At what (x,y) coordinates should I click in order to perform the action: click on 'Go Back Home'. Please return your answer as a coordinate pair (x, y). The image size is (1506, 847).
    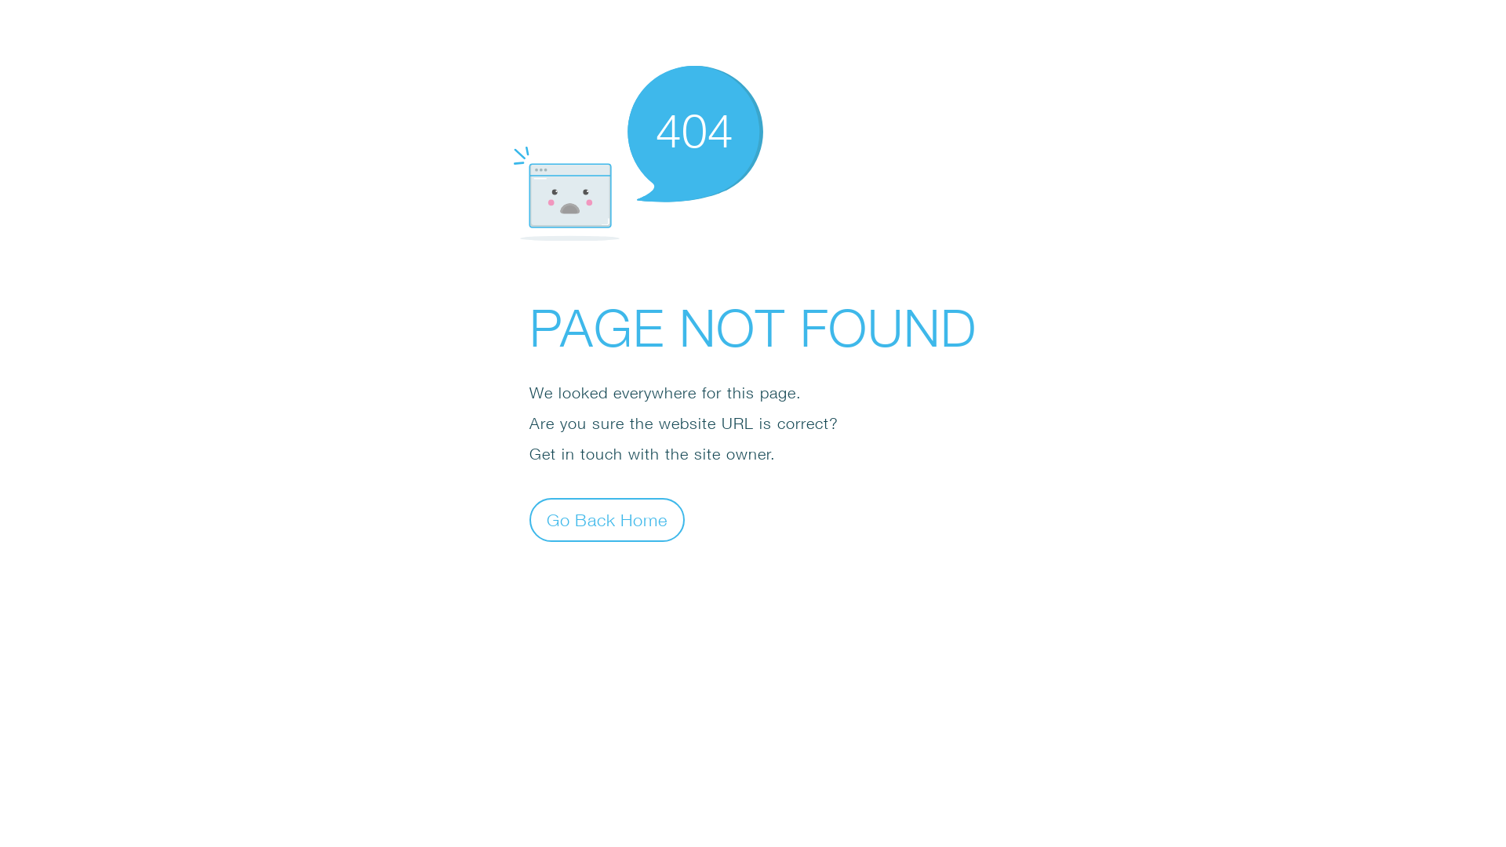
    Looking at the image, I should click on (606, 520).